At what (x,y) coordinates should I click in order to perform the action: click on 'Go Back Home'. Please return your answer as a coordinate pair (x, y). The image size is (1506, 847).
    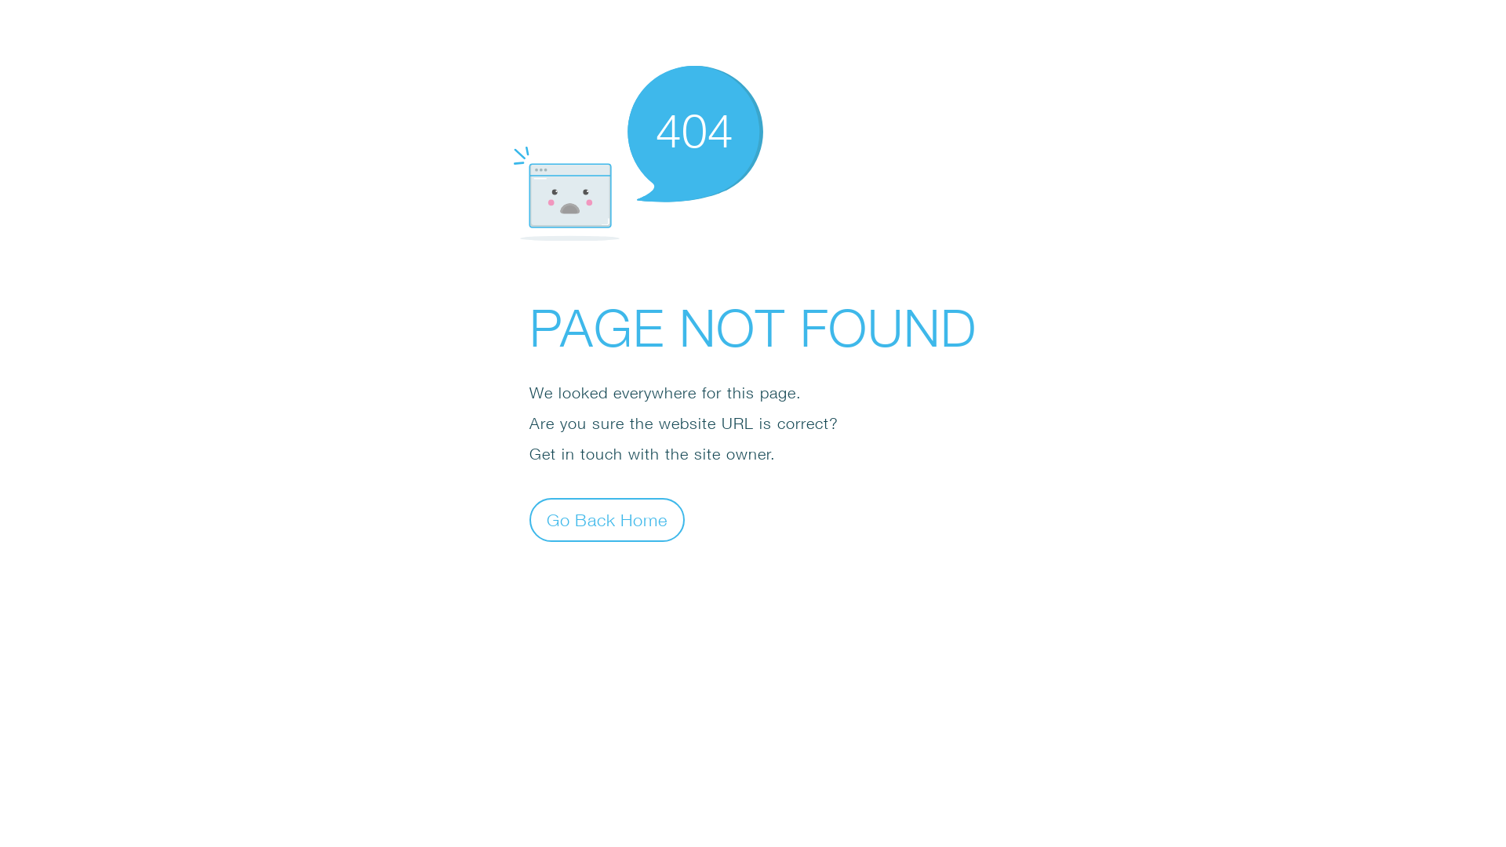
    Looking at the image, I should click on (606, 520).